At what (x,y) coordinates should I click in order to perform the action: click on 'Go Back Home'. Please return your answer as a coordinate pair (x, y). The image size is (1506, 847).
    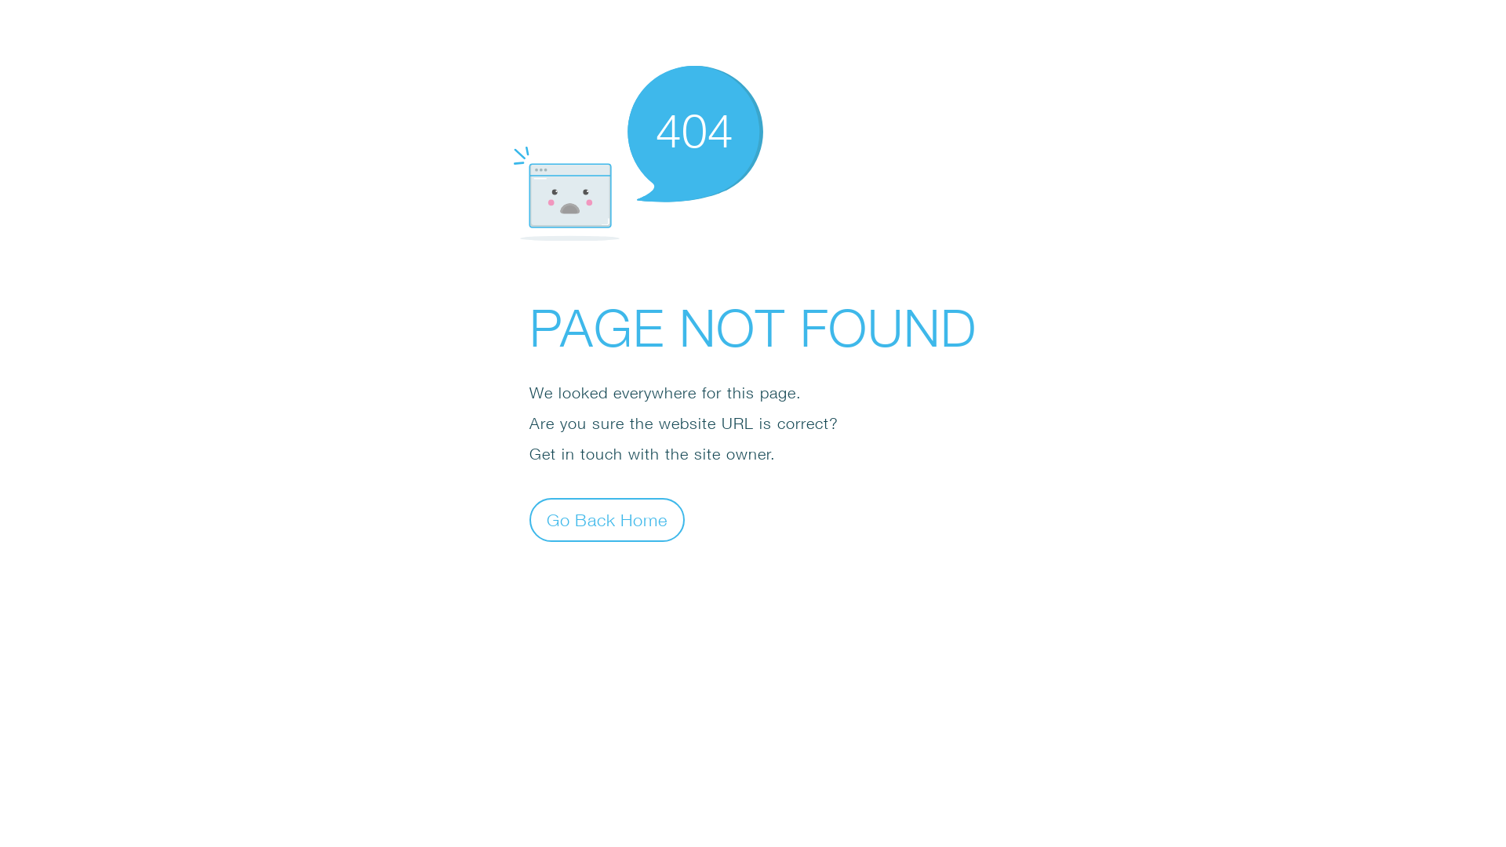
    Looking at the image, I should click on (606, 520).